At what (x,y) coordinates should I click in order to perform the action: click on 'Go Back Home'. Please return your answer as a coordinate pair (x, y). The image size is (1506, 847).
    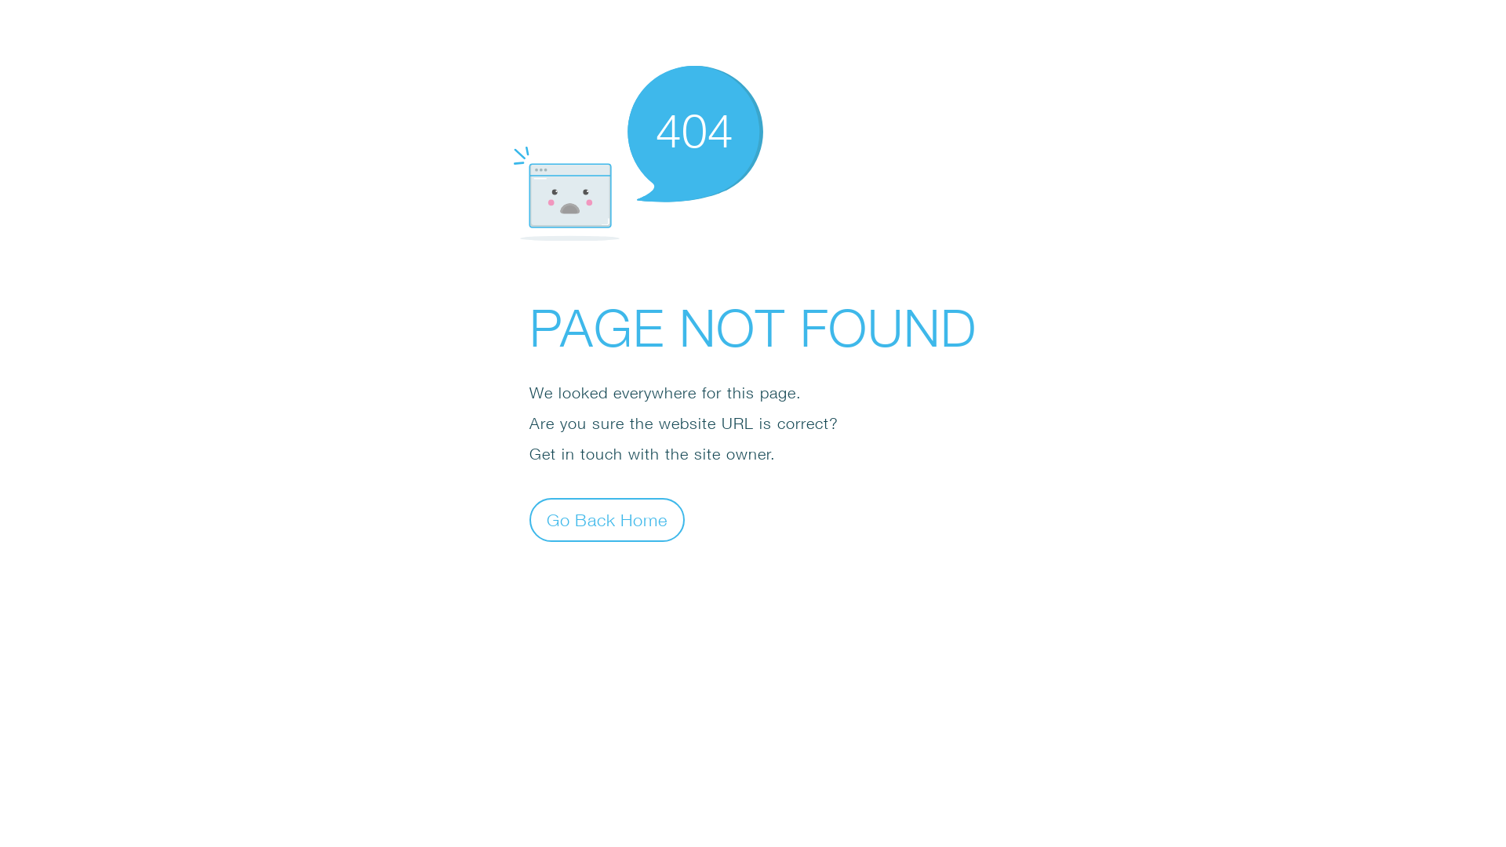
    Looking at the image, I should click on (606, 520).